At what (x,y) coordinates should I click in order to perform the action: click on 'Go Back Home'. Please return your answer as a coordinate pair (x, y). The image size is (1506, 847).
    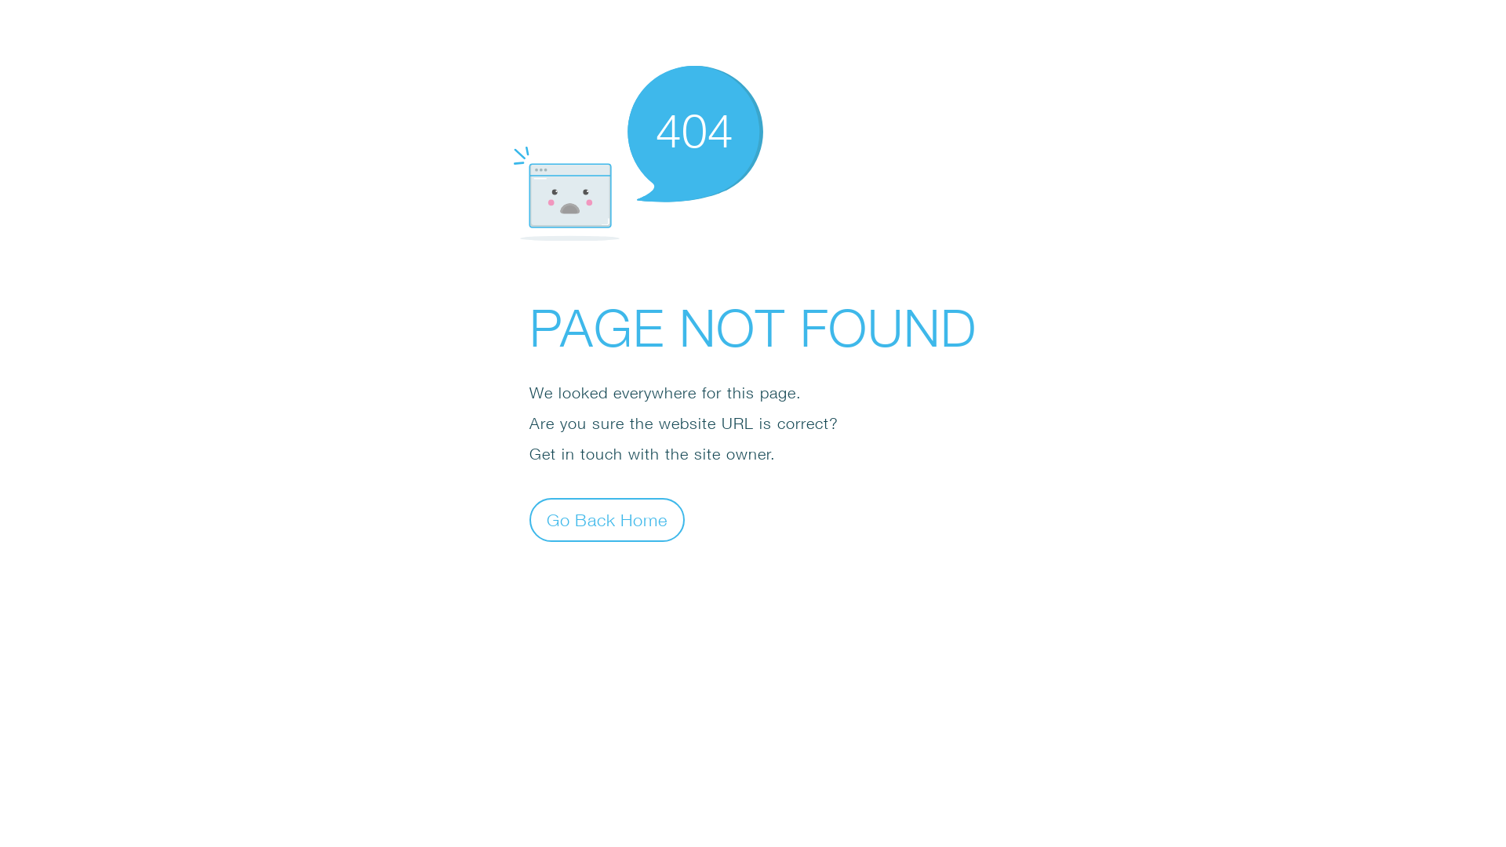
    Looking at the image, I should click on (606, 520).